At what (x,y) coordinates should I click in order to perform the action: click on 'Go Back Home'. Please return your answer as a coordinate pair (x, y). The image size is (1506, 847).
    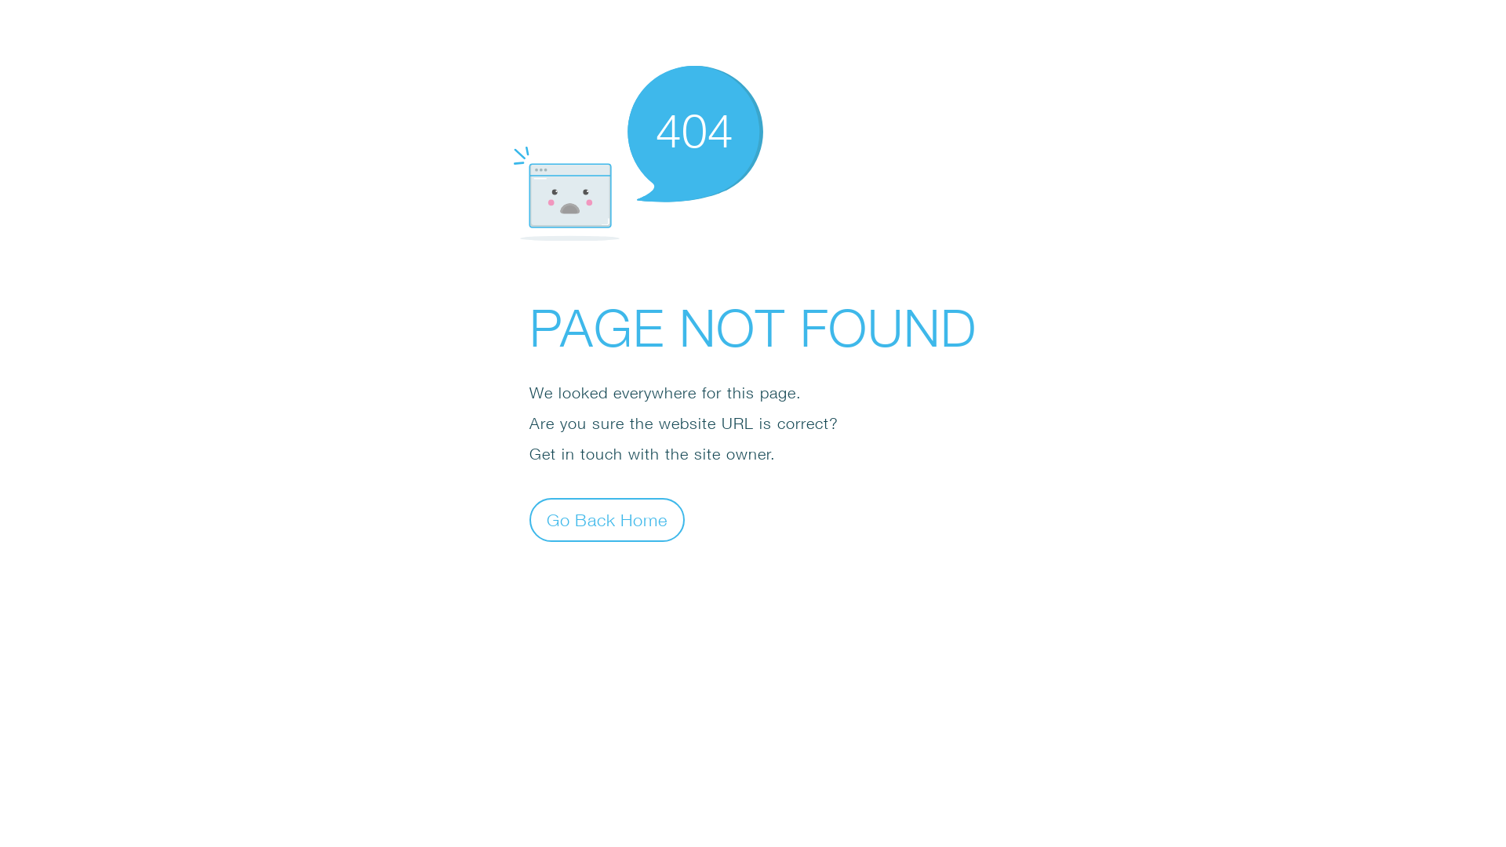
    Looking at the image, I should click on (606, 520).